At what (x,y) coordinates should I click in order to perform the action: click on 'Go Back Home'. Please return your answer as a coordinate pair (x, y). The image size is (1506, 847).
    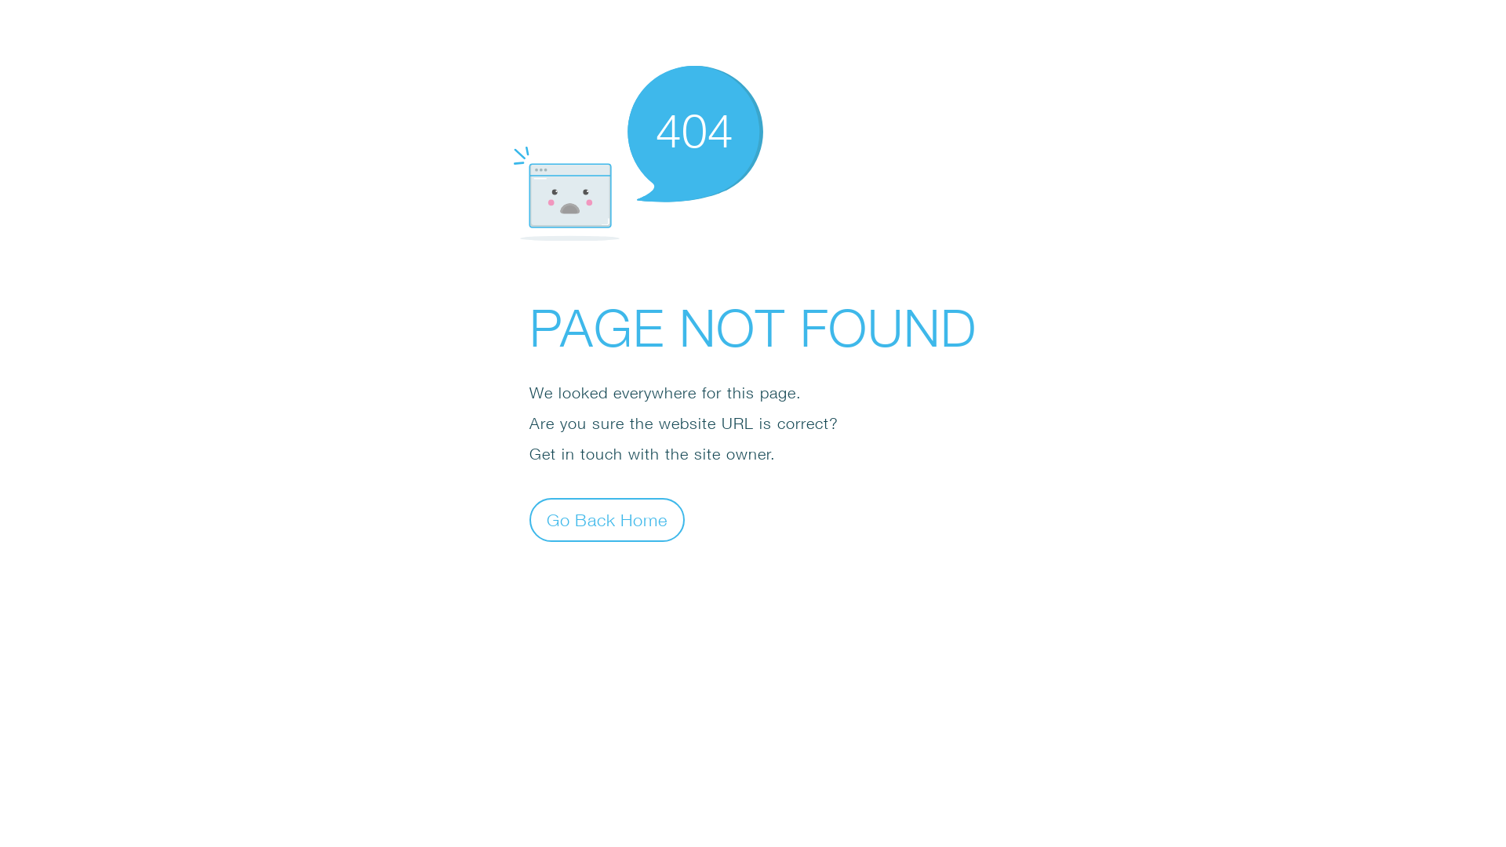
    Looking at the image, I should click on (606, 520).